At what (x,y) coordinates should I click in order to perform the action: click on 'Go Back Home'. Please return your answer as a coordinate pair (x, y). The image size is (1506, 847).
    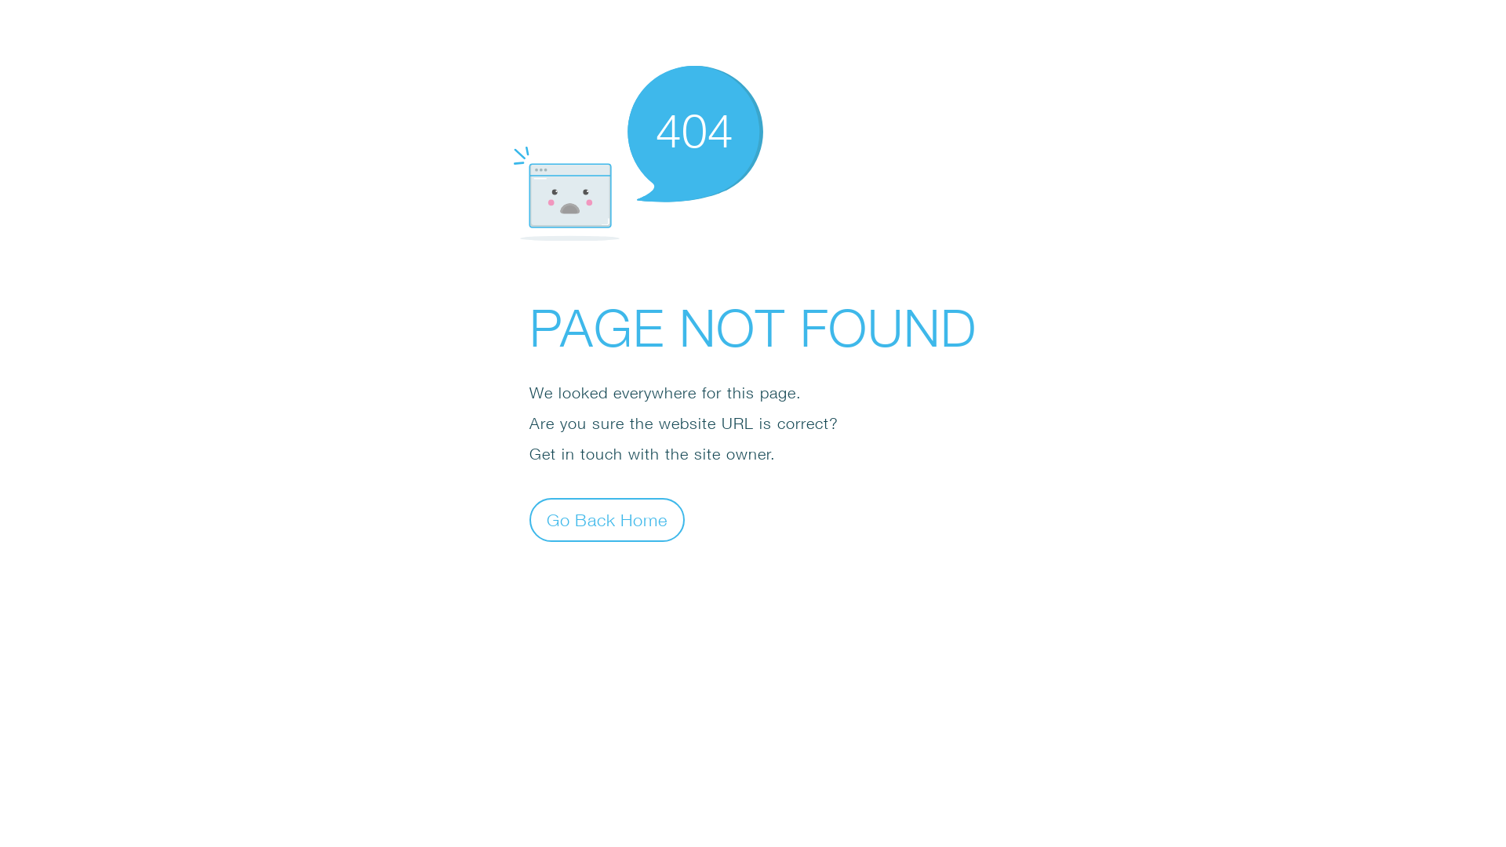
    Looking at the image, I should click on (606, 520).